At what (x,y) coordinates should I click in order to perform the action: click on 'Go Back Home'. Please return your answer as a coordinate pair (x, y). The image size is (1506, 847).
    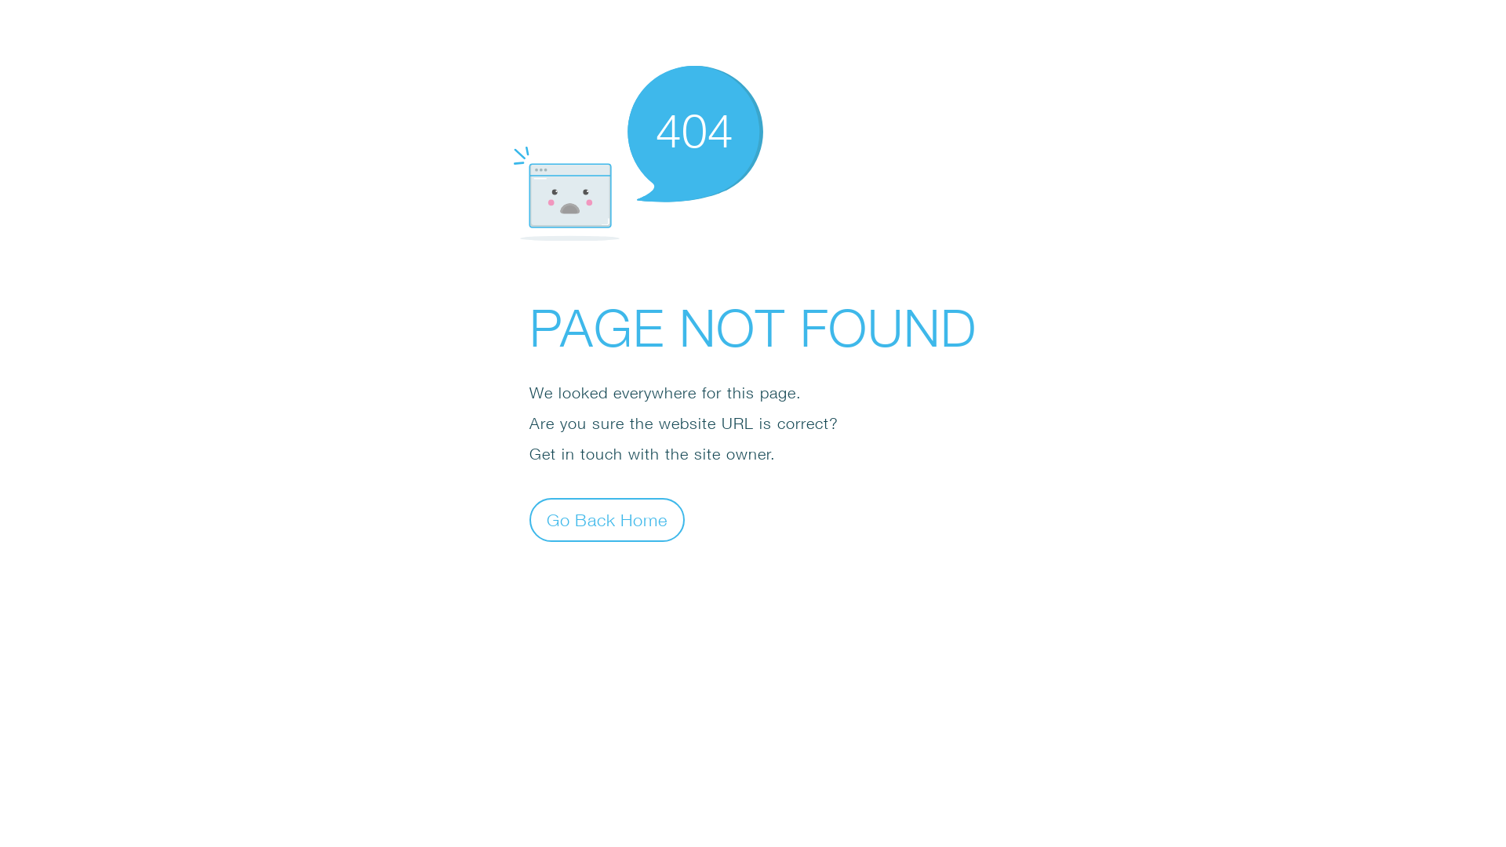
    Looking at the image, I should click on (606, 520).